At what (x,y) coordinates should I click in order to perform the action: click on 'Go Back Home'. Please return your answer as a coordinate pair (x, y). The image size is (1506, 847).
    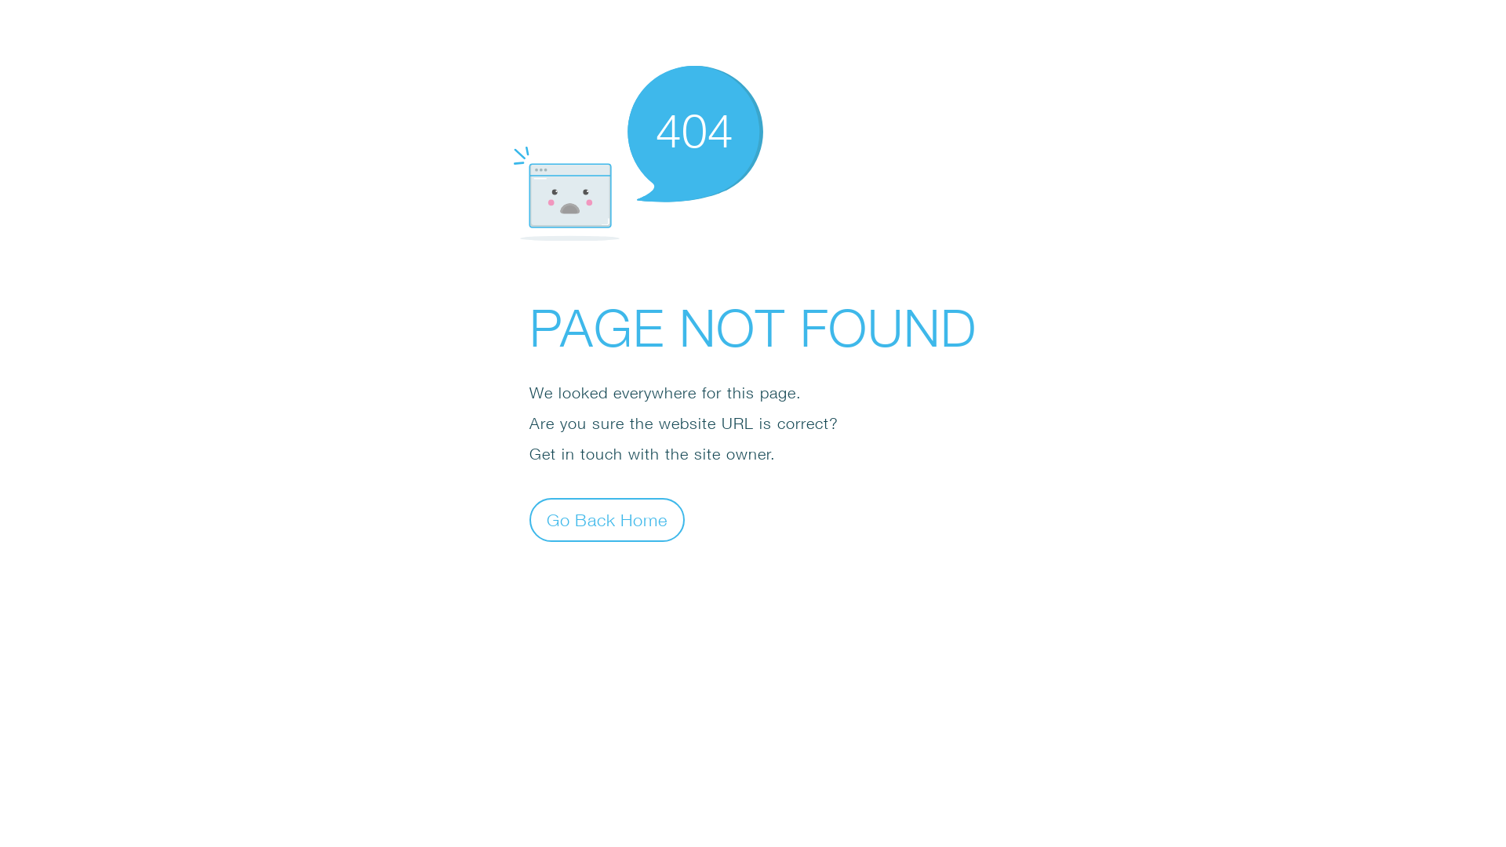
    Looking at the image, I should click on (606, 520).